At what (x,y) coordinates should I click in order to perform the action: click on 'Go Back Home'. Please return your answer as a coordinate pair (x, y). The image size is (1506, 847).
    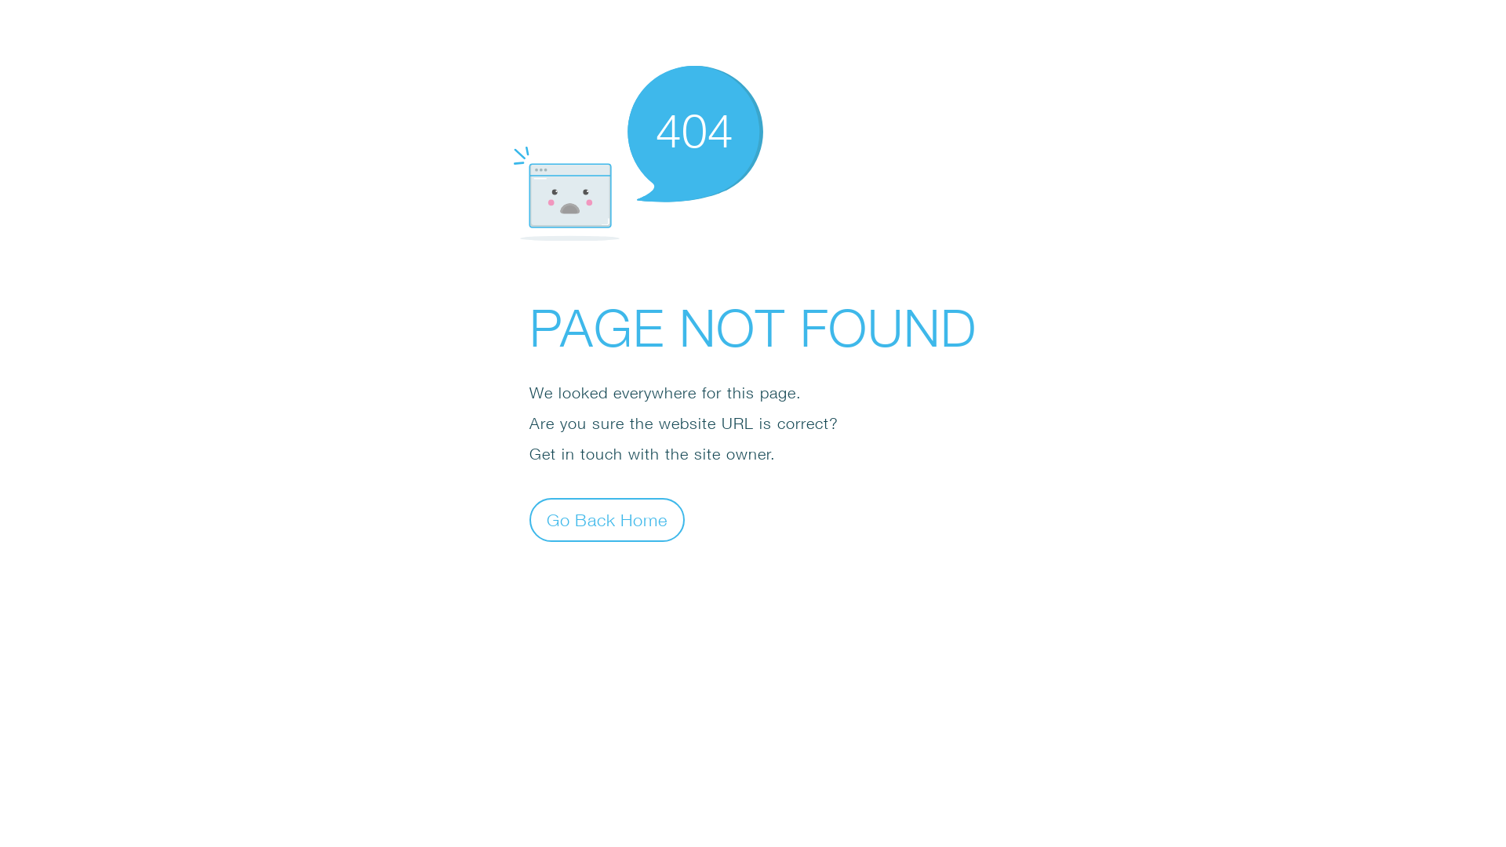
    Looking at the image, I should click on (606, 520).